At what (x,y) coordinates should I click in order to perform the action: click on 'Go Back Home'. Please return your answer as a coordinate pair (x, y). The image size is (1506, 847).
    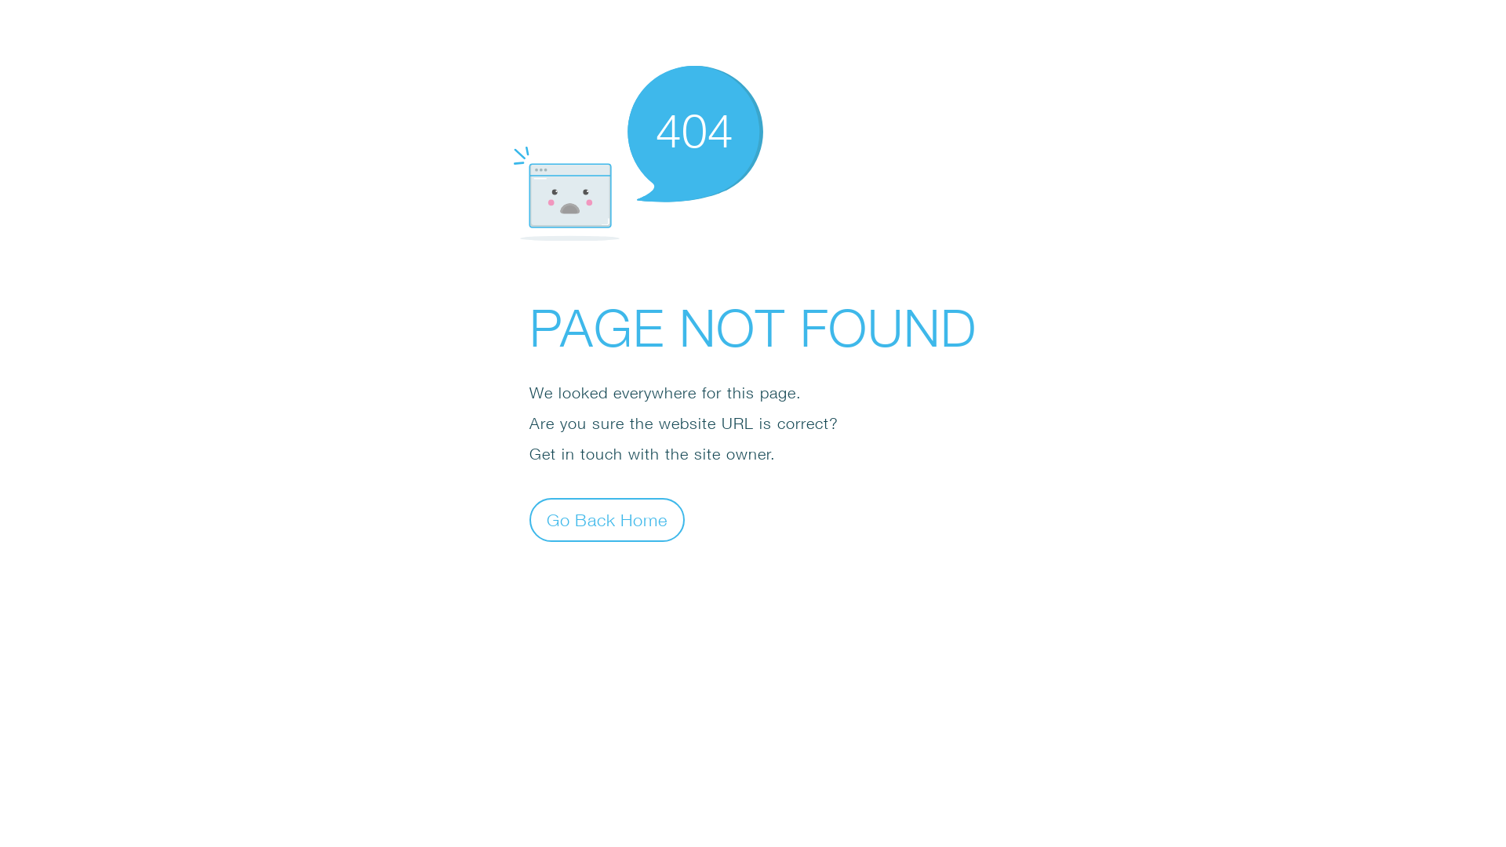
    Looking at the image, I should click on (606, 520).